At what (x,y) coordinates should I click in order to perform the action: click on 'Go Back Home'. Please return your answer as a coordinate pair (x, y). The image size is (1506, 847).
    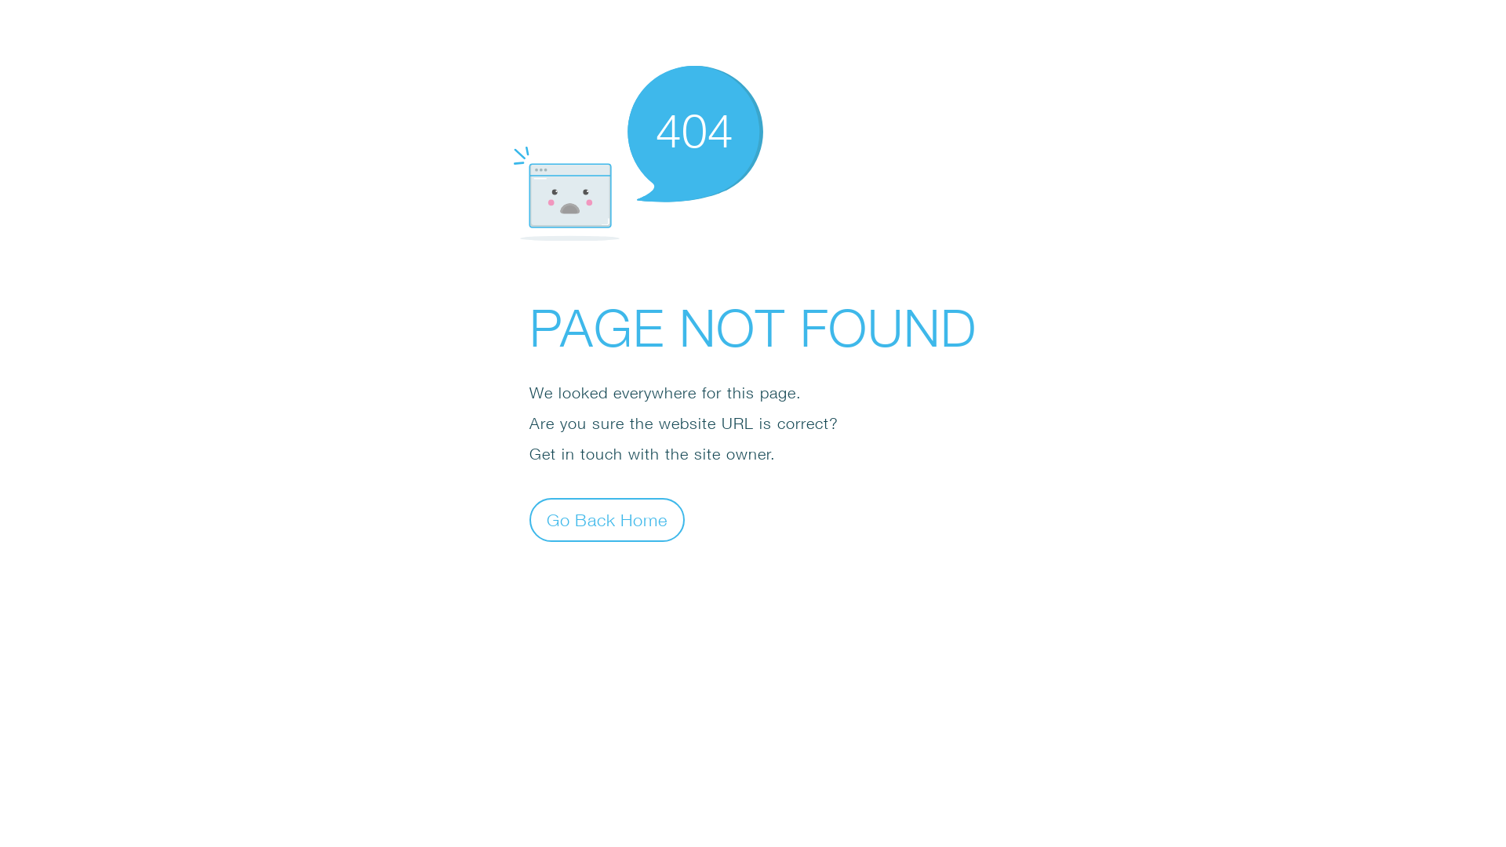
    Looking at the image, I should click on (606, 520).